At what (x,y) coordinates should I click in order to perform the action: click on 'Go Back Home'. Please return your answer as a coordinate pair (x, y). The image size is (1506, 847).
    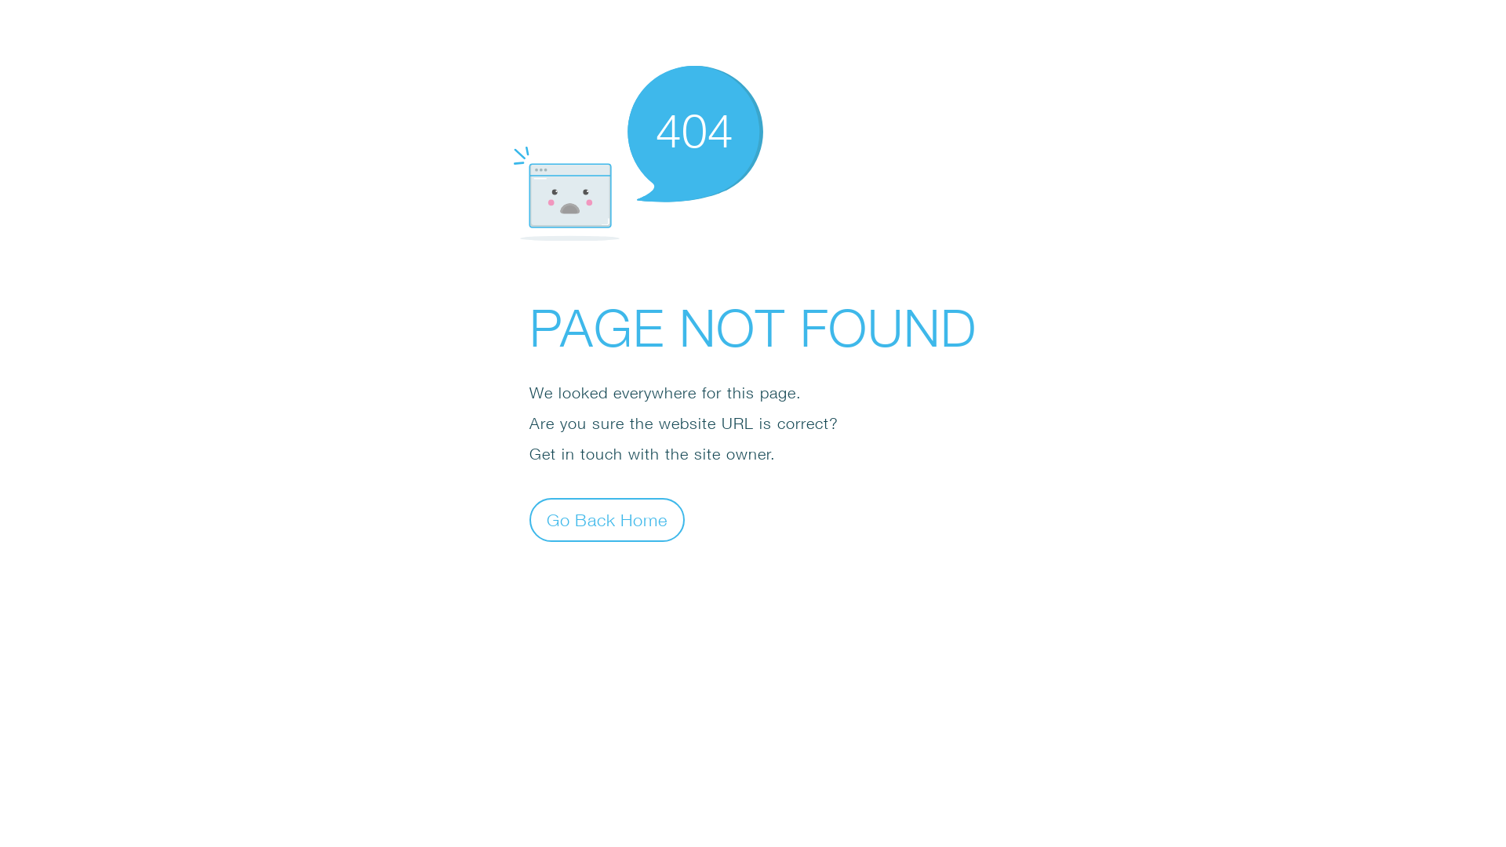
    Looking at the image, I should click on (606, 520).